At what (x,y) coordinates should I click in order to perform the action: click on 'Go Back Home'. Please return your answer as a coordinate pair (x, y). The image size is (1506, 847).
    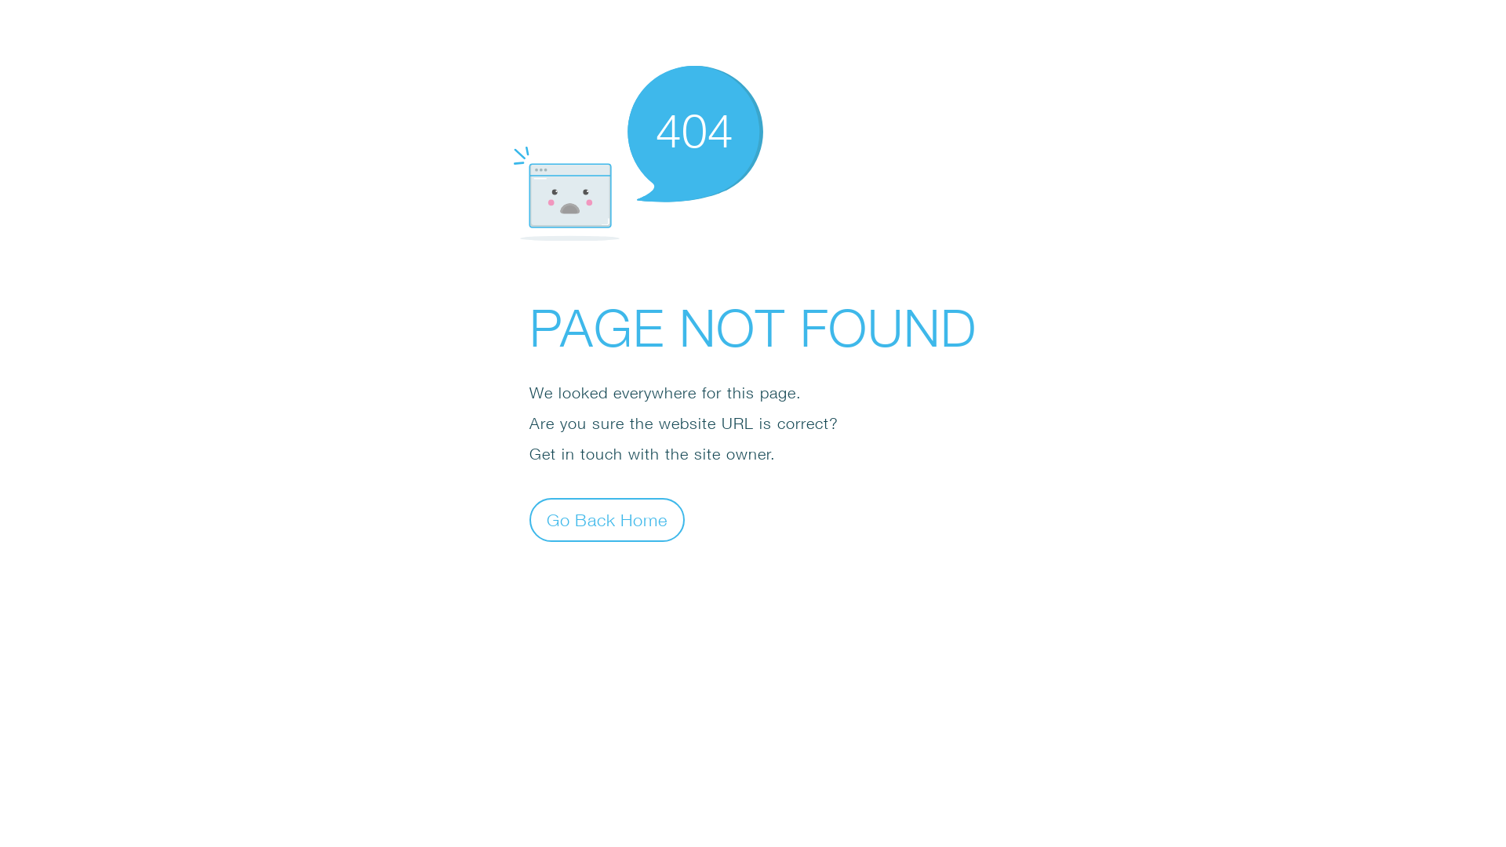
    Looking at the image, I should click on (606, 520).